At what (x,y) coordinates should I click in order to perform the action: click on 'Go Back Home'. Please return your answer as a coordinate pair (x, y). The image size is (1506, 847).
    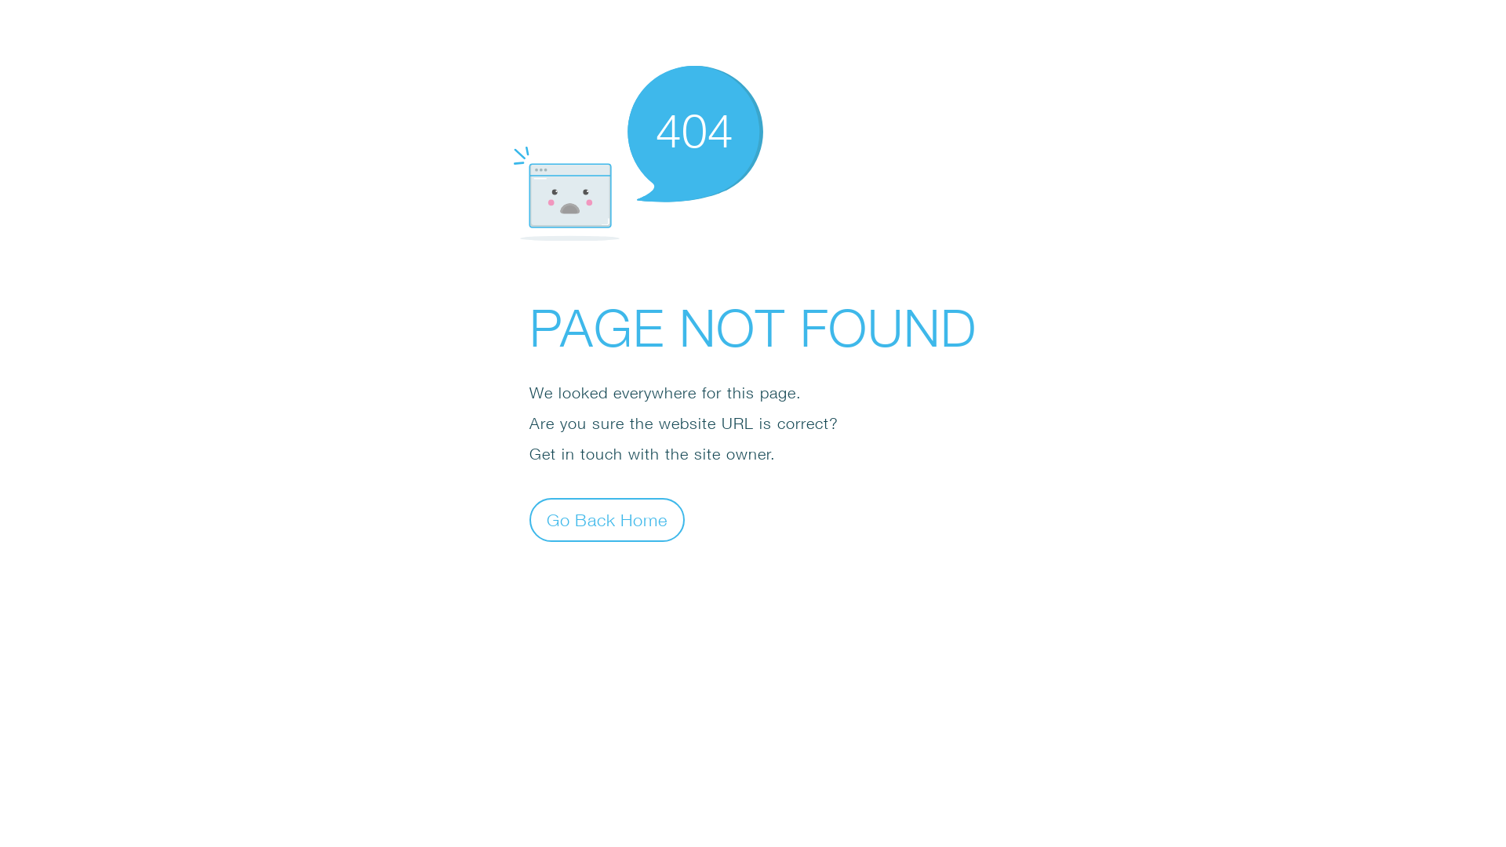
    Looking at the image, I should click on (606, 520).